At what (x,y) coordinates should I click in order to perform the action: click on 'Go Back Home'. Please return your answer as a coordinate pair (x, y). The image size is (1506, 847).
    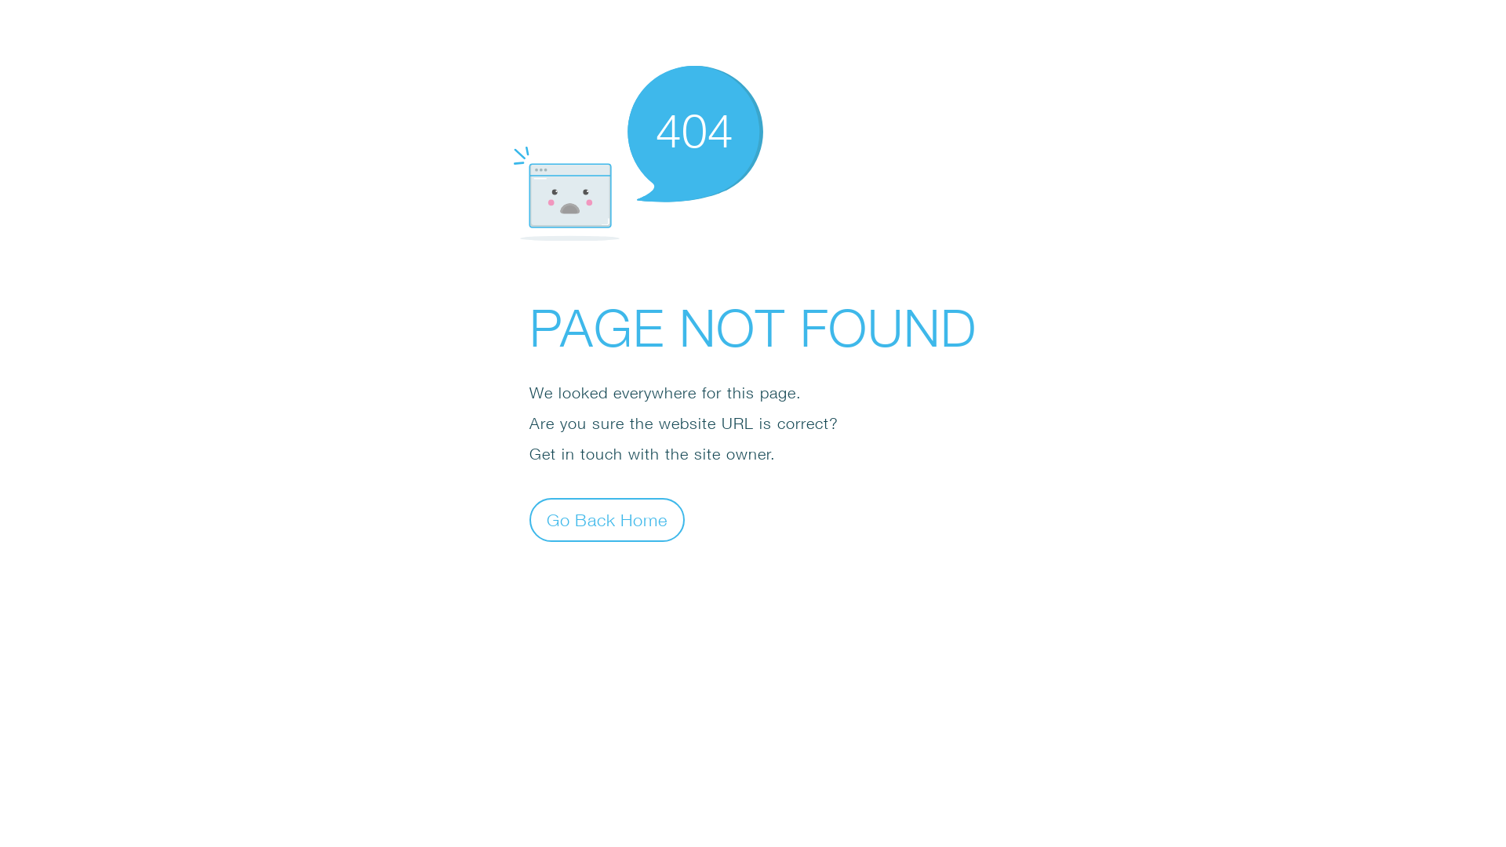
    Looking at the image, I should click on (606, 520).